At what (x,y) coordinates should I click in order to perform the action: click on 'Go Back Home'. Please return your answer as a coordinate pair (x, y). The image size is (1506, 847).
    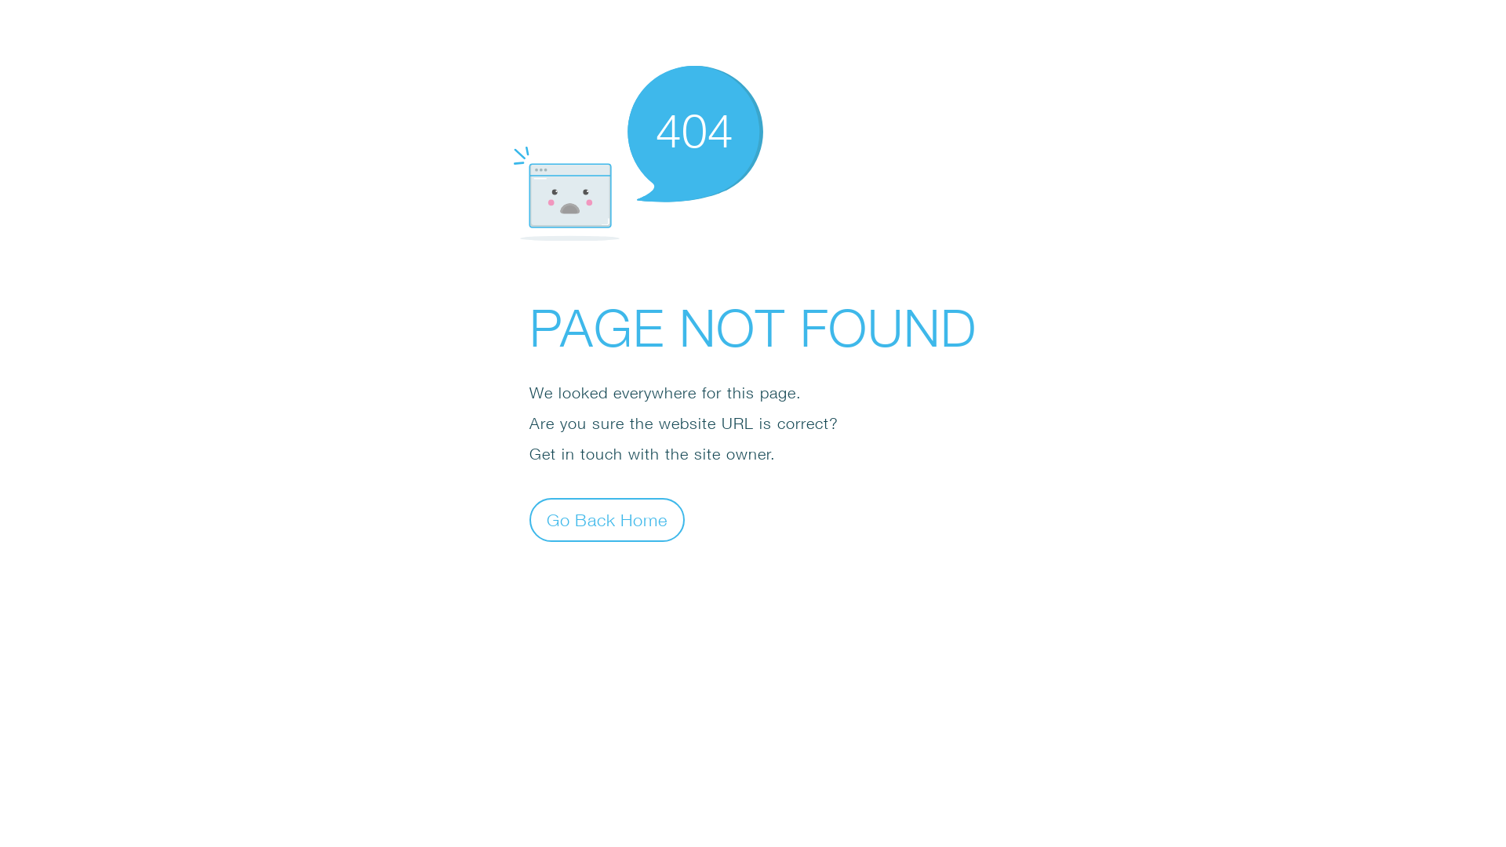
    Looking at the image, I should click on (606, 520).